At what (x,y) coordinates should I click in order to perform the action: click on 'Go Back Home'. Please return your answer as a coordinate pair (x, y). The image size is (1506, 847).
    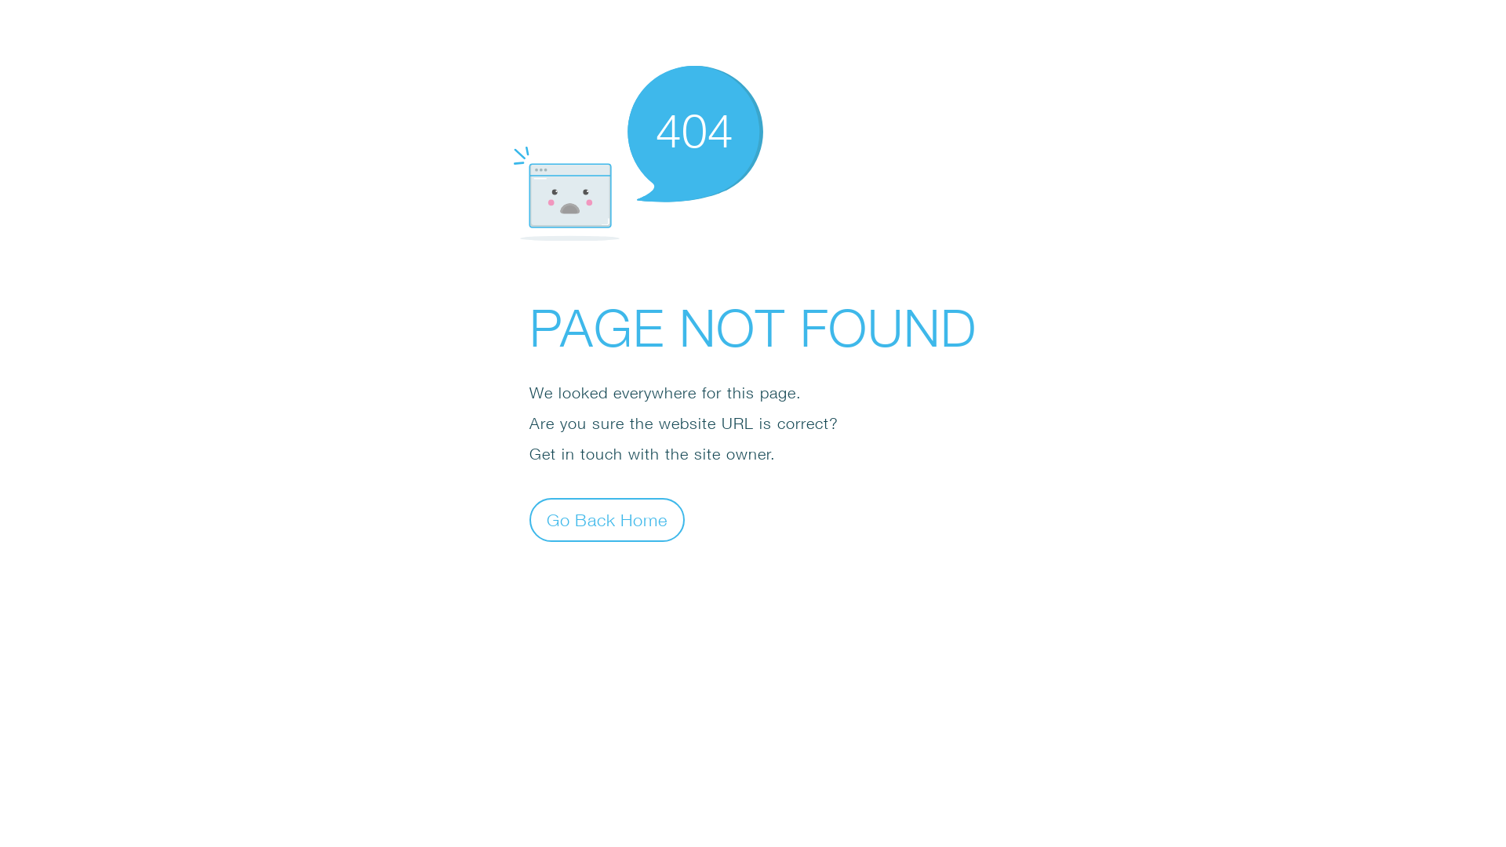
    Looking at the image, I should click on (606, 520).